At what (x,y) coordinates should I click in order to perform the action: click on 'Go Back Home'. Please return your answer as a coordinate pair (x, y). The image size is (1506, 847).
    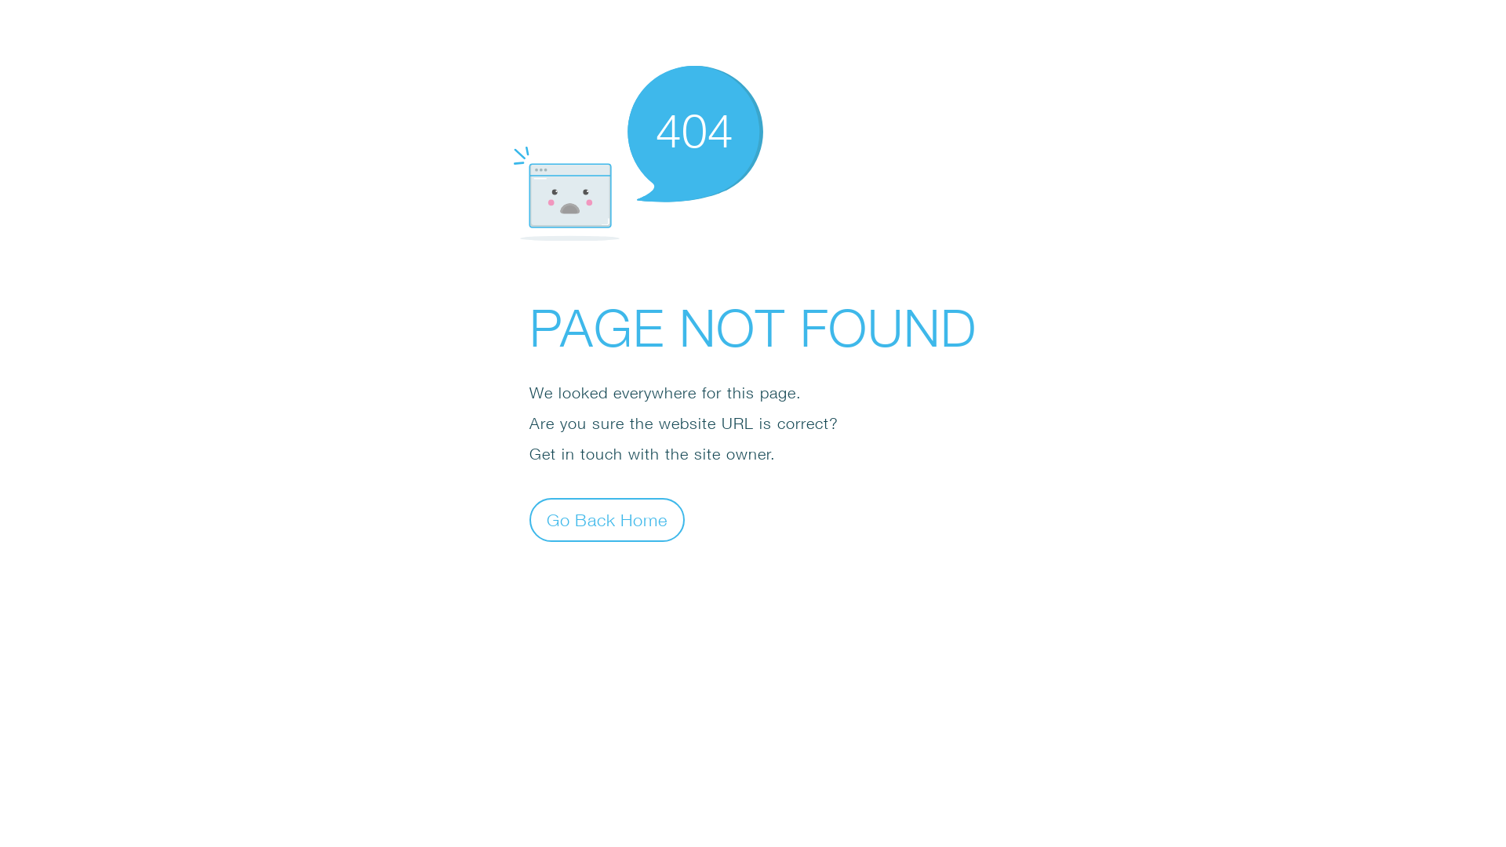
    Looking at the image, I should click on (606, 520).